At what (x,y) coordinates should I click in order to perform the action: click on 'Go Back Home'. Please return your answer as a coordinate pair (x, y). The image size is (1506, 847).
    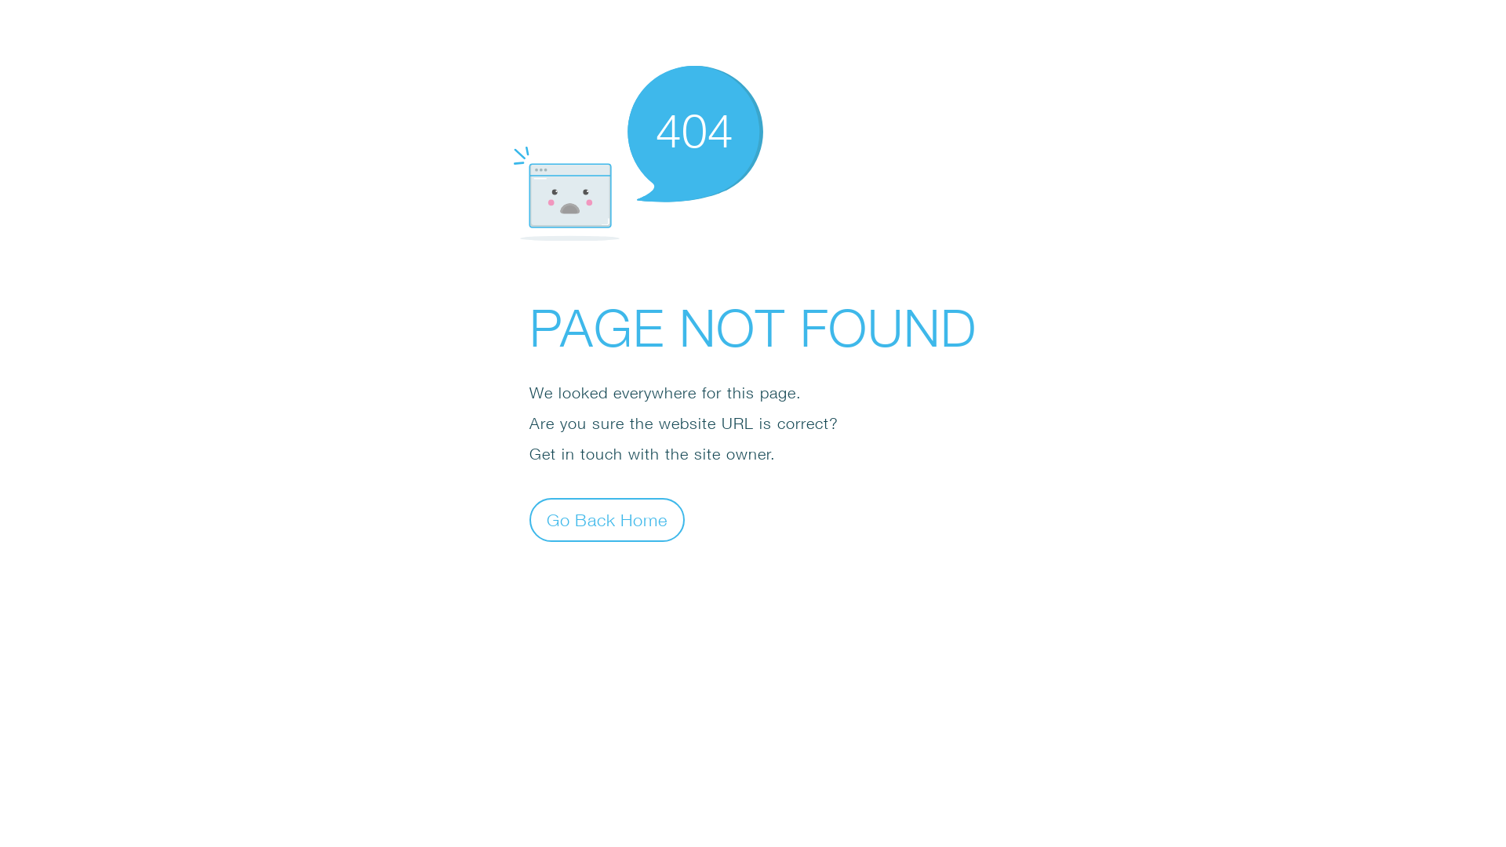
    Looking at the image, I should click on (606, 520).